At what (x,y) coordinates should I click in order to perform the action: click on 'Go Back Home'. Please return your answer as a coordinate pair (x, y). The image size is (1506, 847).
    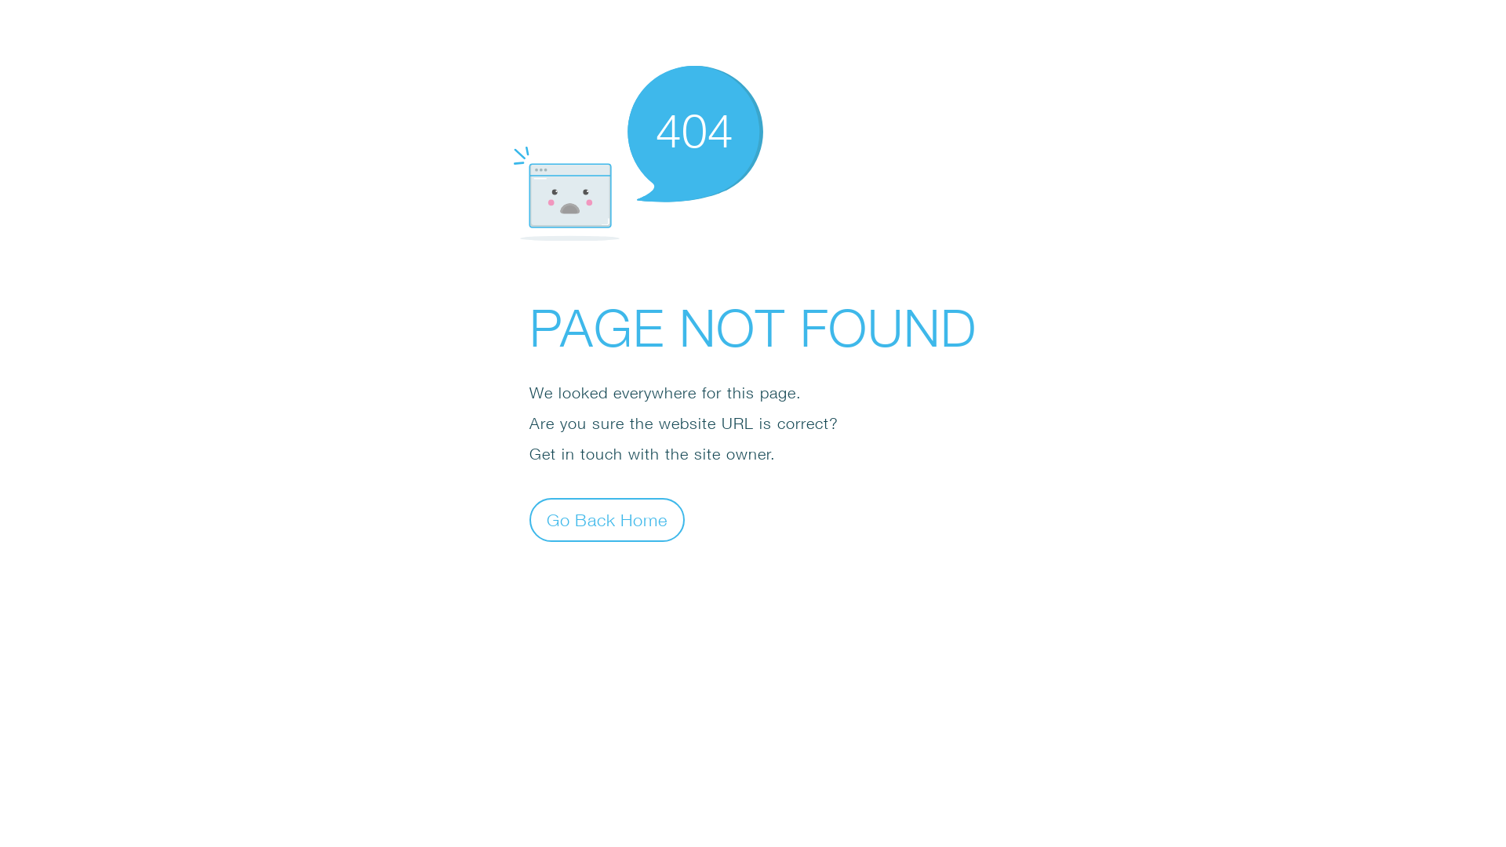
    Looking at the image, I should click on (606, 520).